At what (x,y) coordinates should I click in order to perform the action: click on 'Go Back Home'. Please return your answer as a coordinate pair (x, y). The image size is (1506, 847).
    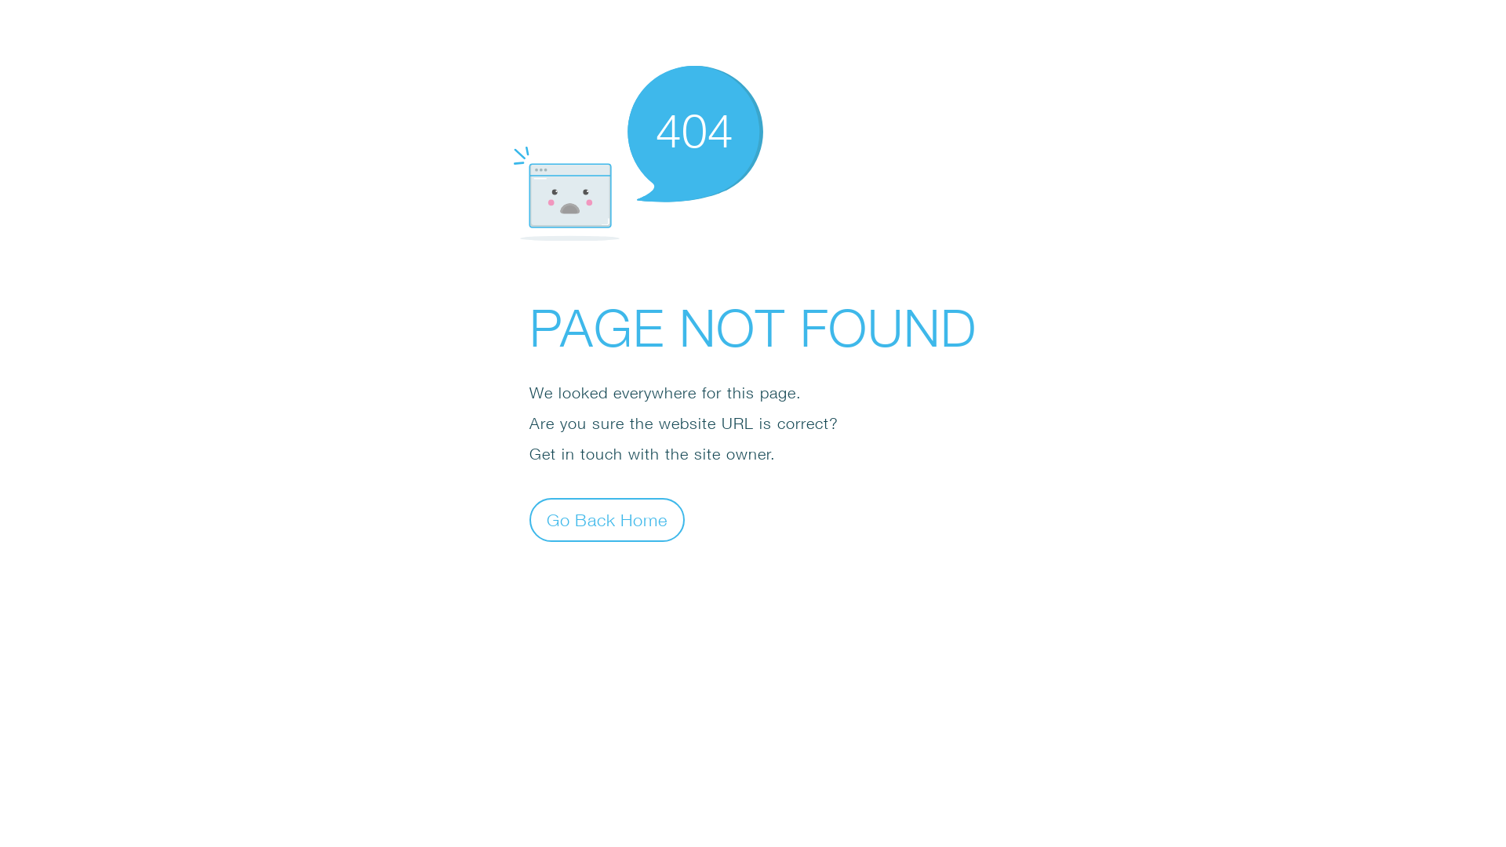
    Looking at the image, I should click on (606, 520).